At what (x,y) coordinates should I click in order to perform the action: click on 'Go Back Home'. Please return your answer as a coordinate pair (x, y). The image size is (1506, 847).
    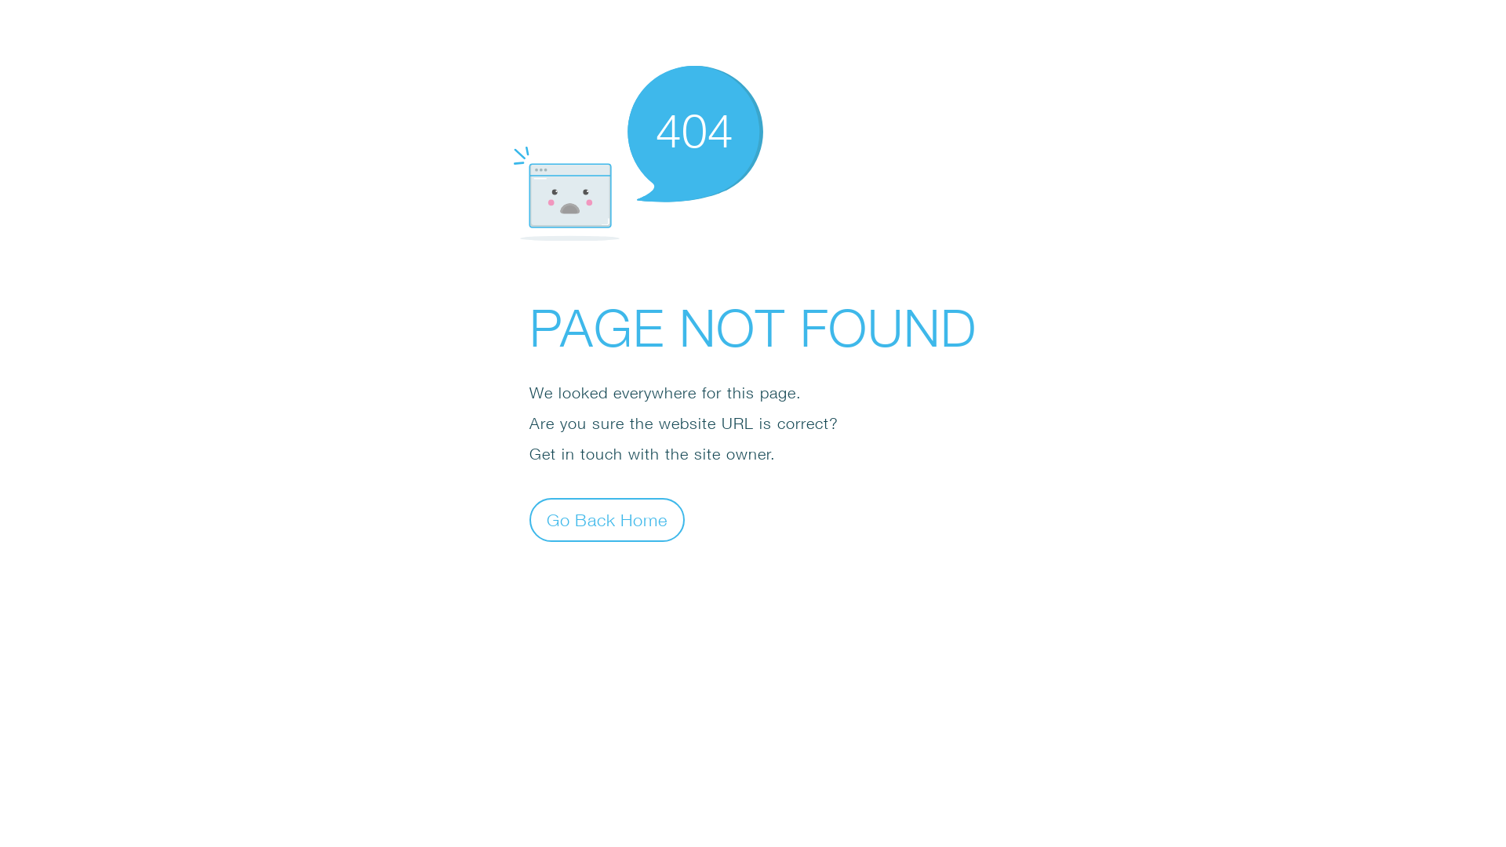
    Looking at the image, I should click on (606, 520).